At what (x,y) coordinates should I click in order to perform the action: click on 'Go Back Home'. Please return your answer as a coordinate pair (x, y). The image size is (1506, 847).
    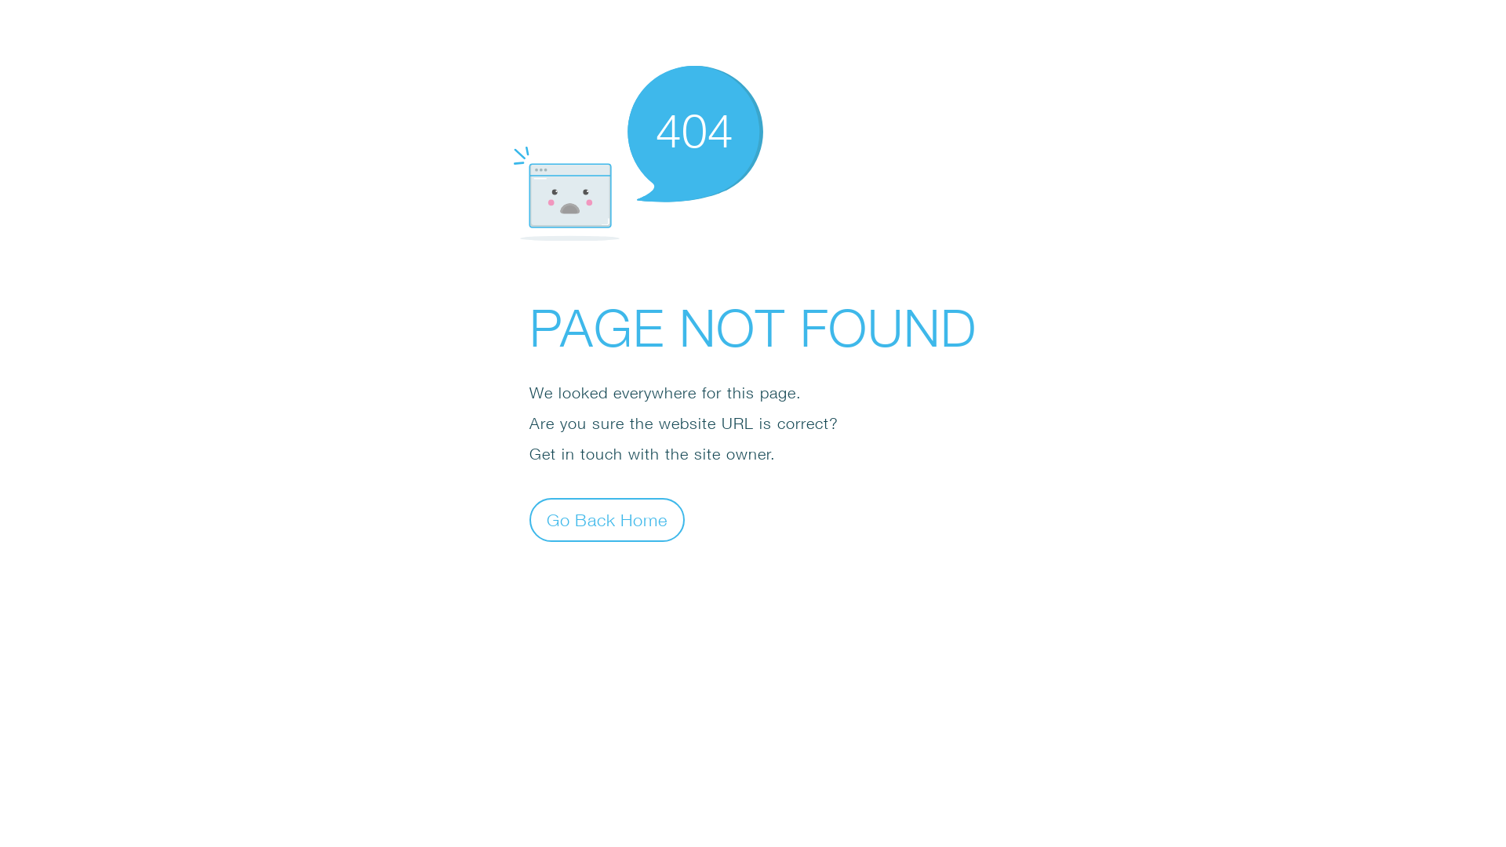
    Looking at the image, I should click on (606, 520).